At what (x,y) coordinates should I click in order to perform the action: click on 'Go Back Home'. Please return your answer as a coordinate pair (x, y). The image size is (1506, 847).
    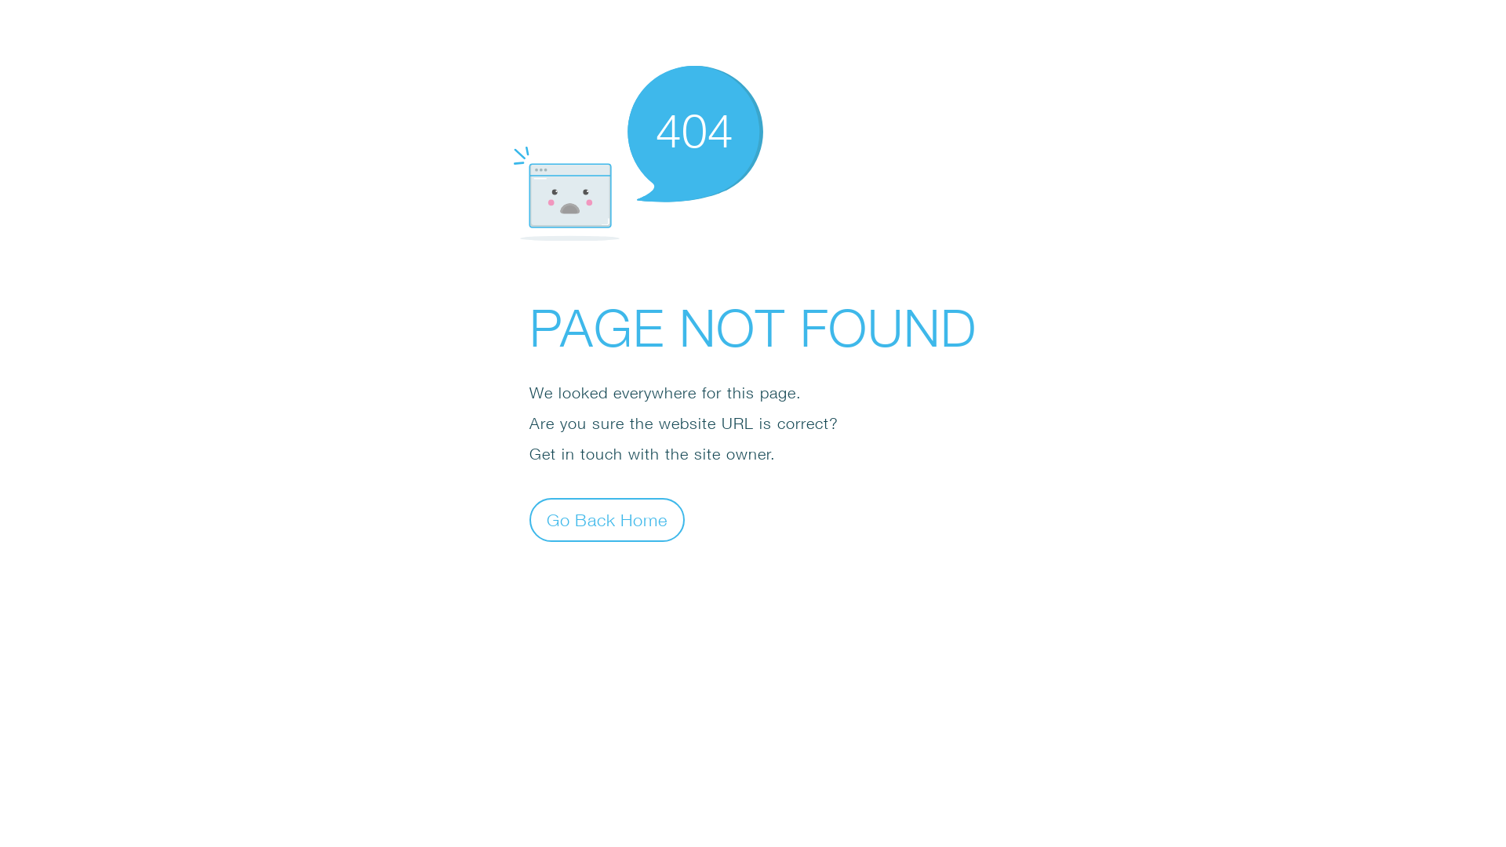
    Looking at the image, I should click on (606, 520).